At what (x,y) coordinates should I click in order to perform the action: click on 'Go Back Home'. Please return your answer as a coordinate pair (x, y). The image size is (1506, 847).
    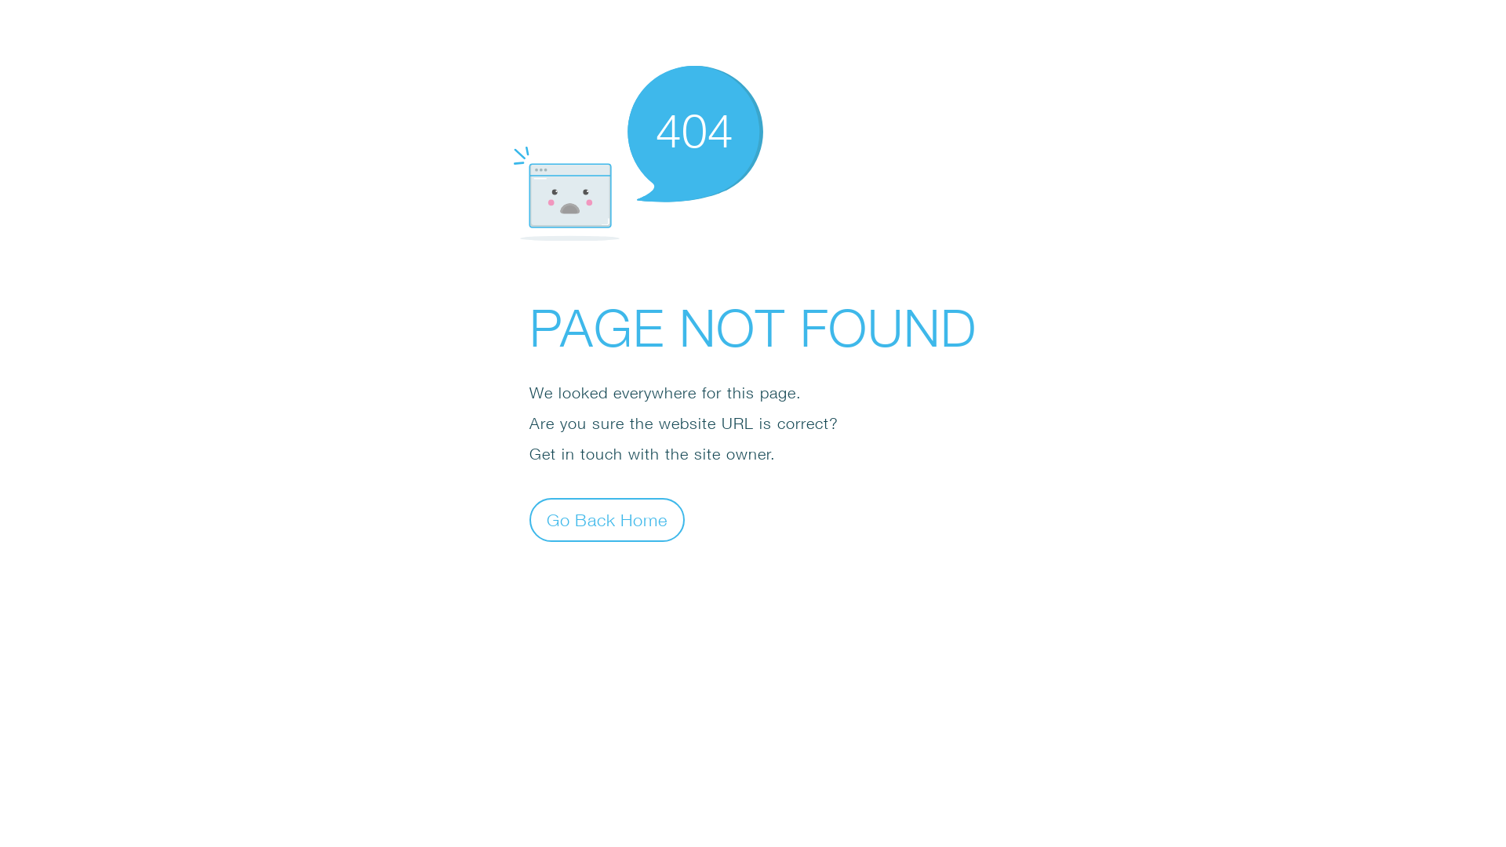
    Looking at the image, I should click on (606, 520).